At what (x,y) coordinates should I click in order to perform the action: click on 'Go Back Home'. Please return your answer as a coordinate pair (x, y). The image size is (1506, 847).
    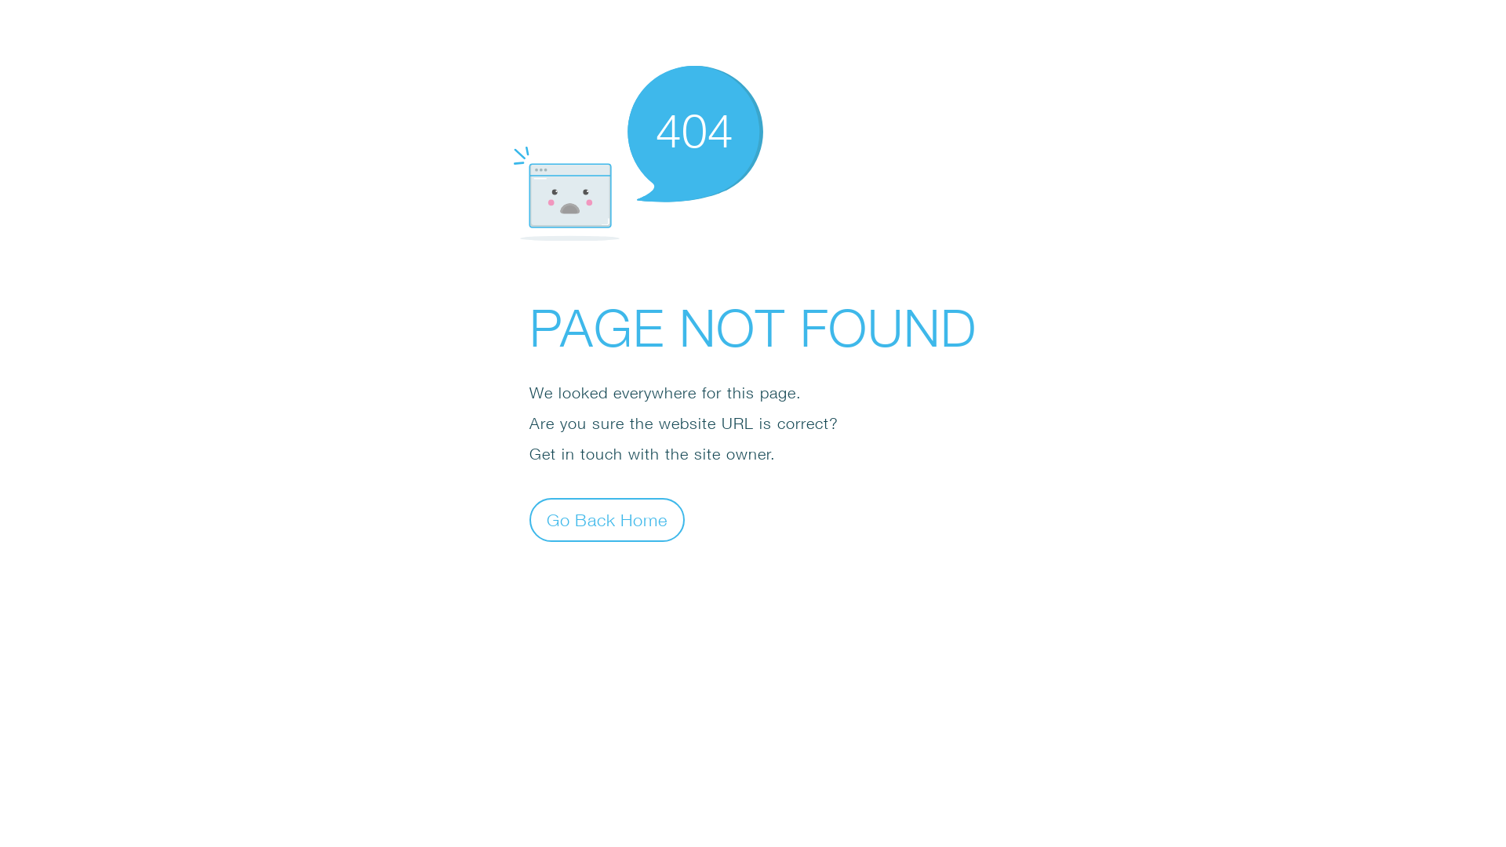
    Looking at the image, I should click on (606, 520).